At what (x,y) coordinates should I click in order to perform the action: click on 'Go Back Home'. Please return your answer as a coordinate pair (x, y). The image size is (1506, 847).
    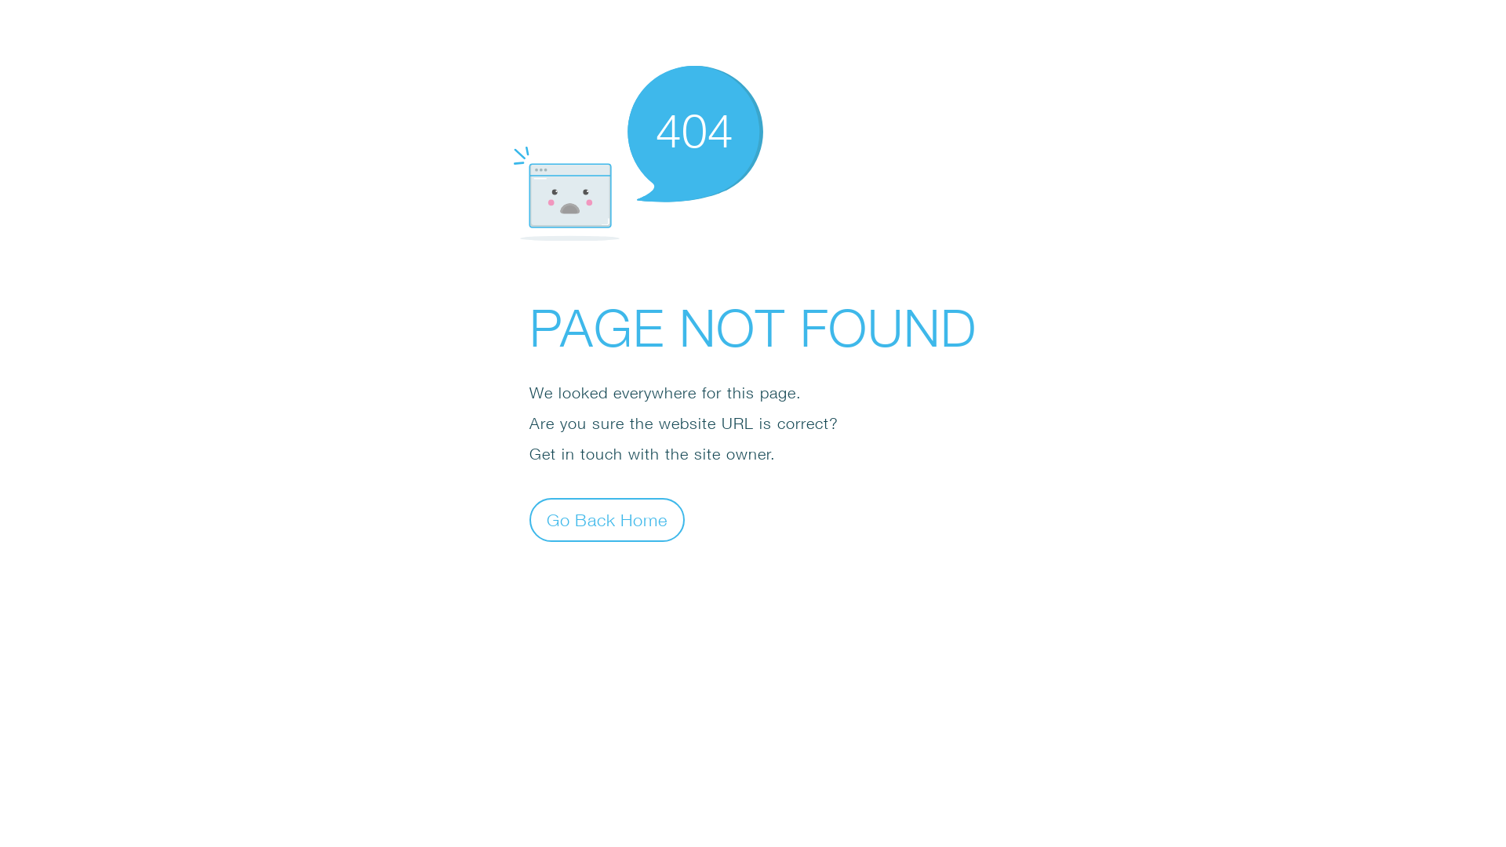
    Looking at the image, I should click on (606, 520).